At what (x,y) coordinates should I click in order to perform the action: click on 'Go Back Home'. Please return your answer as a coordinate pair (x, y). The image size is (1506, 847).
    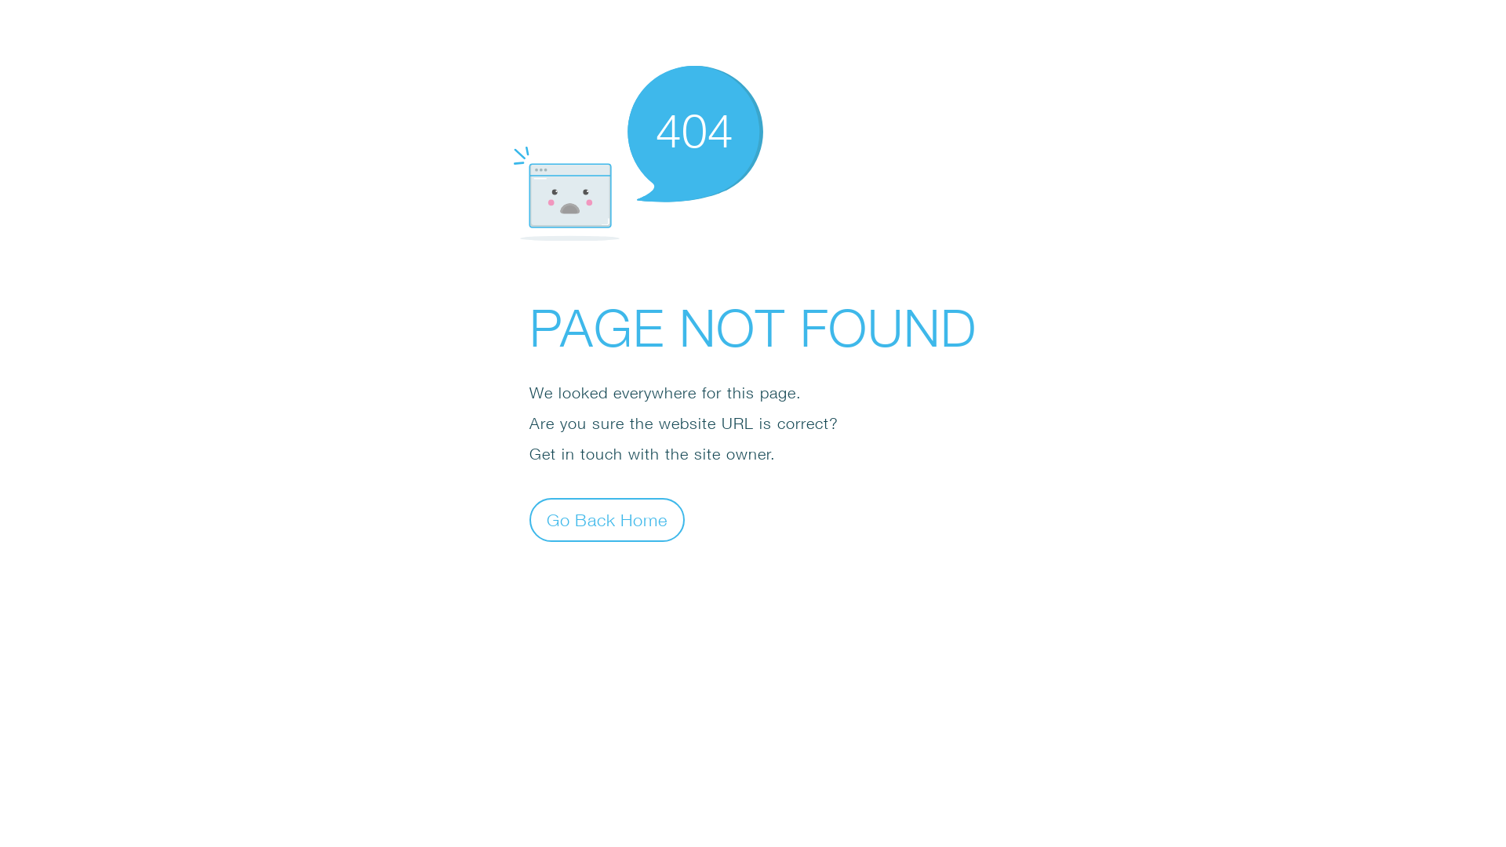
    Looking at the image, I should click on (606, 520).